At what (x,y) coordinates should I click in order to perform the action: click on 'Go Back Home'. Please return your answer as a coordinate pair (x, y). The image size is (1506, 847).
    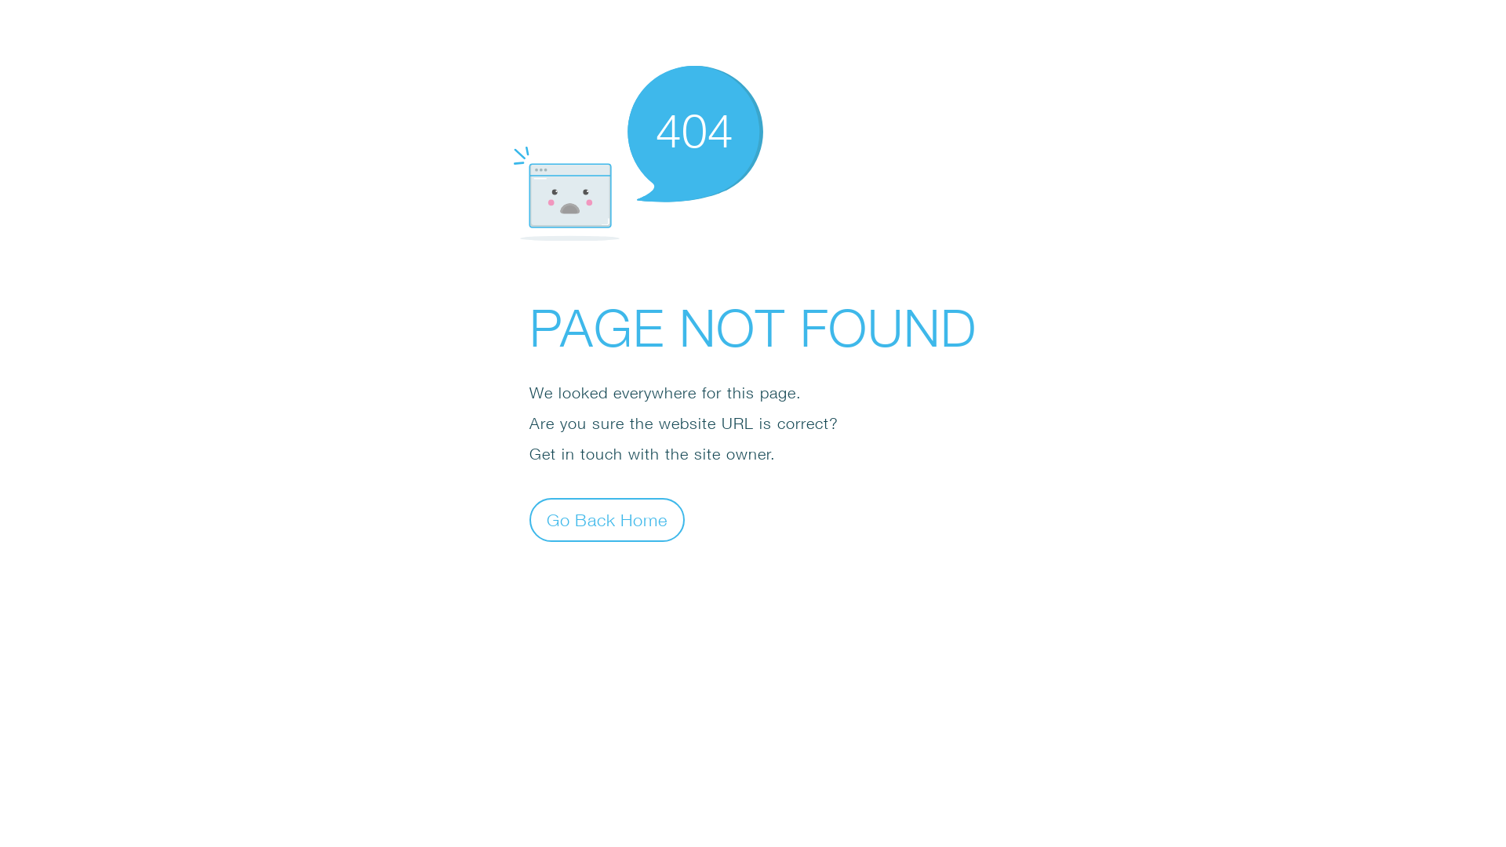
    Looking at the image, I should click on (606, 520).